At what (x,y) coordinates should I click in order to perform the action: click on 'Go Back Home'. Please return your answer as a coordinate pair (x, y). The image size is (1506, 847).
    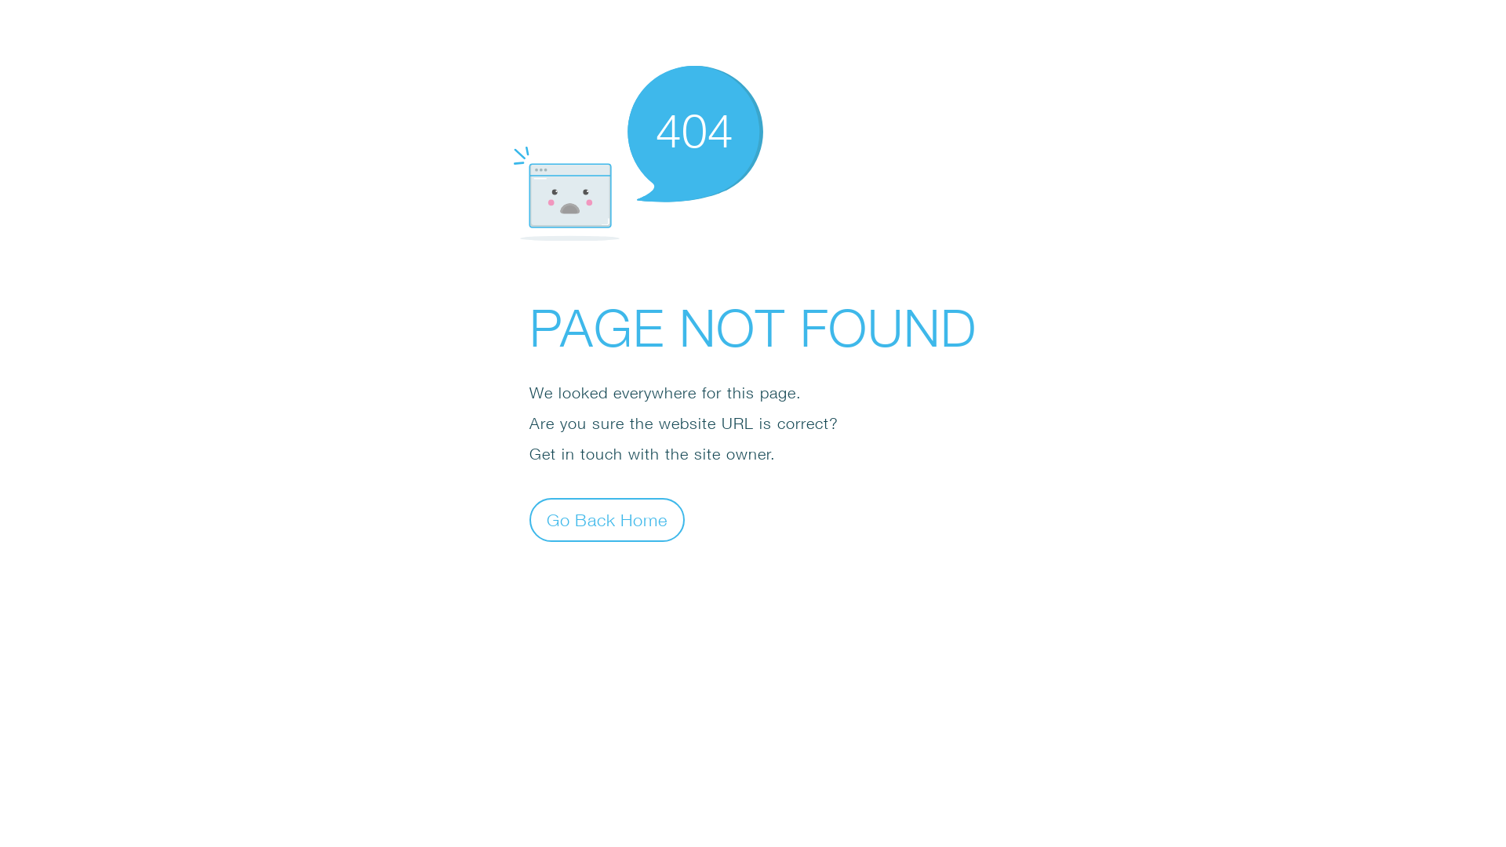
    Looking at the image, I should click on (606, 520).